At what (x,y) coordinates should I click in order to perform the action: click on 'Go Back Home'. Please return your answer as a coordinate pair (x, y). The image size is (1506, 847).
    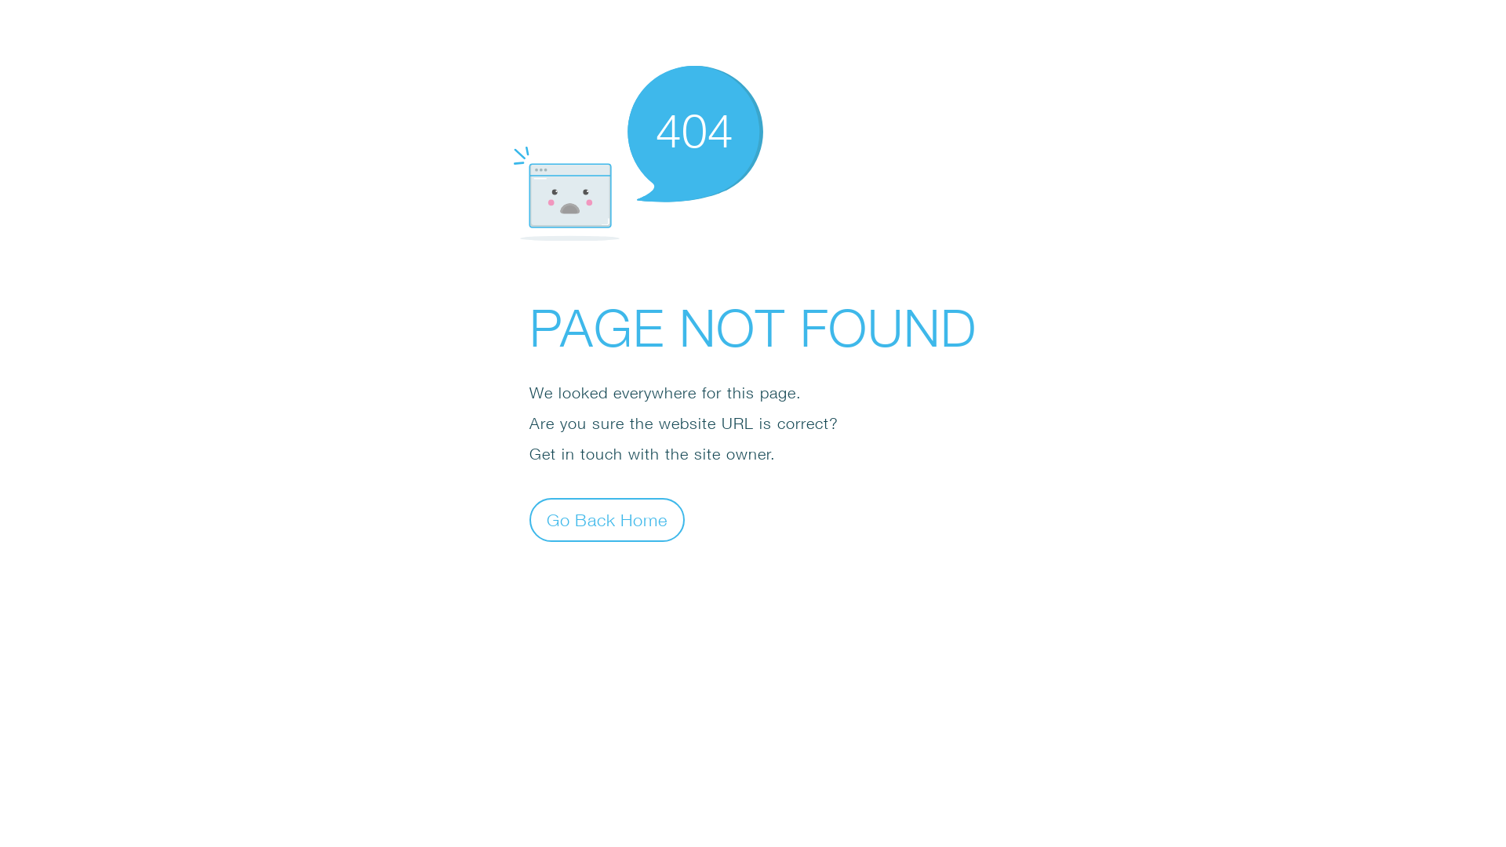
    Looking at the image, I should click on (606, 520).